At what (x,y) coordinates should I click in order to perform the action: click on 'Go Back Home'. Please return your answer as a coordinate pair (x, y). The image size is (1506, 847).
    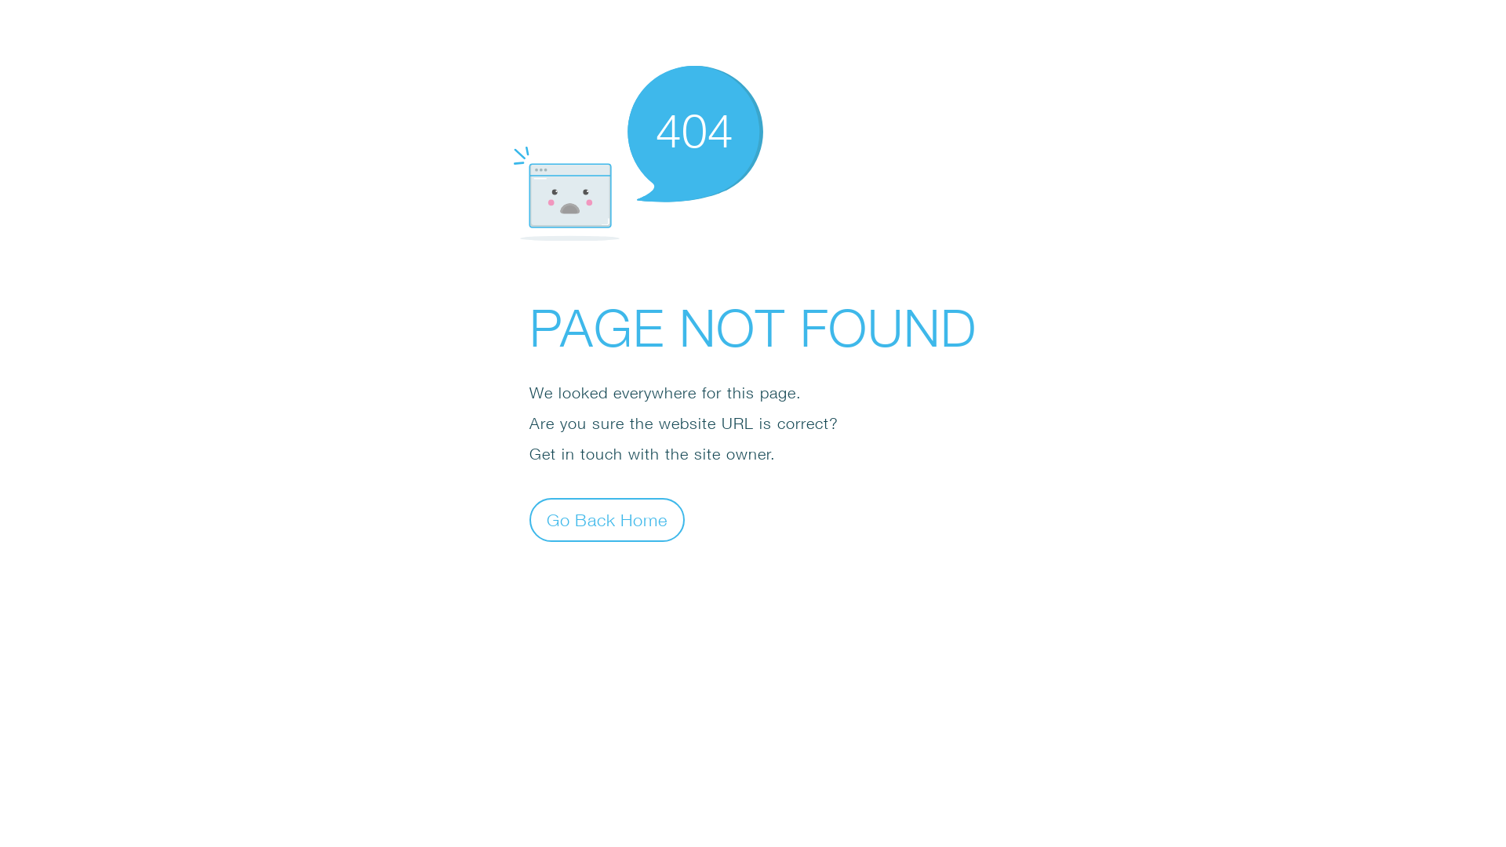
    Looking at the image, I should click on (606, 520).